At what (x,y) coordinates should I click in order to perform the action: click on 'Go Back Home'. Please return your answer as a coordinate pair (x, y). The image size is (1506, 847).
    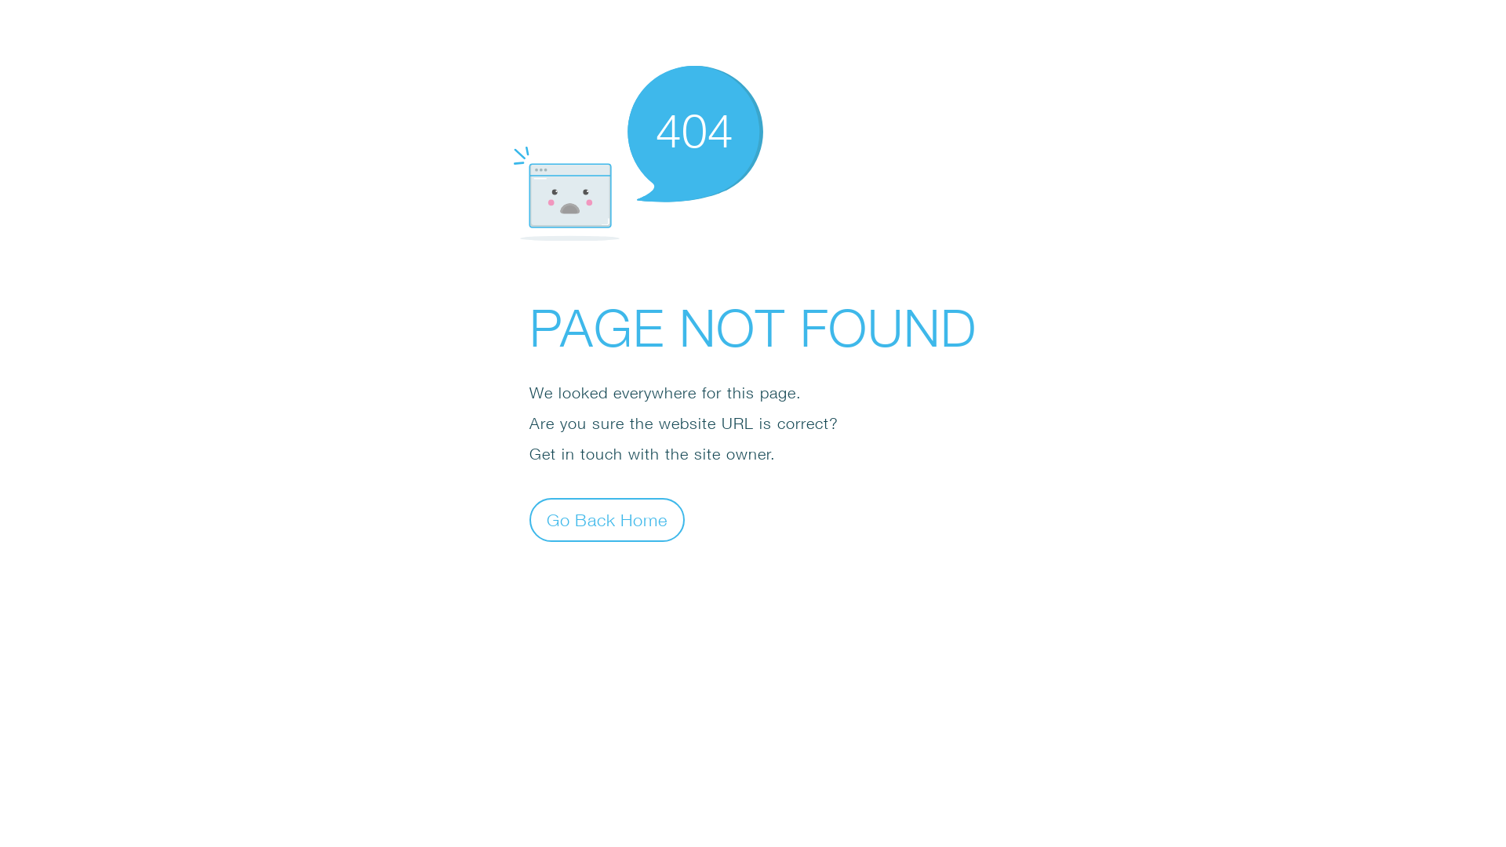
    Looking at the image, I should click on (606, 520).